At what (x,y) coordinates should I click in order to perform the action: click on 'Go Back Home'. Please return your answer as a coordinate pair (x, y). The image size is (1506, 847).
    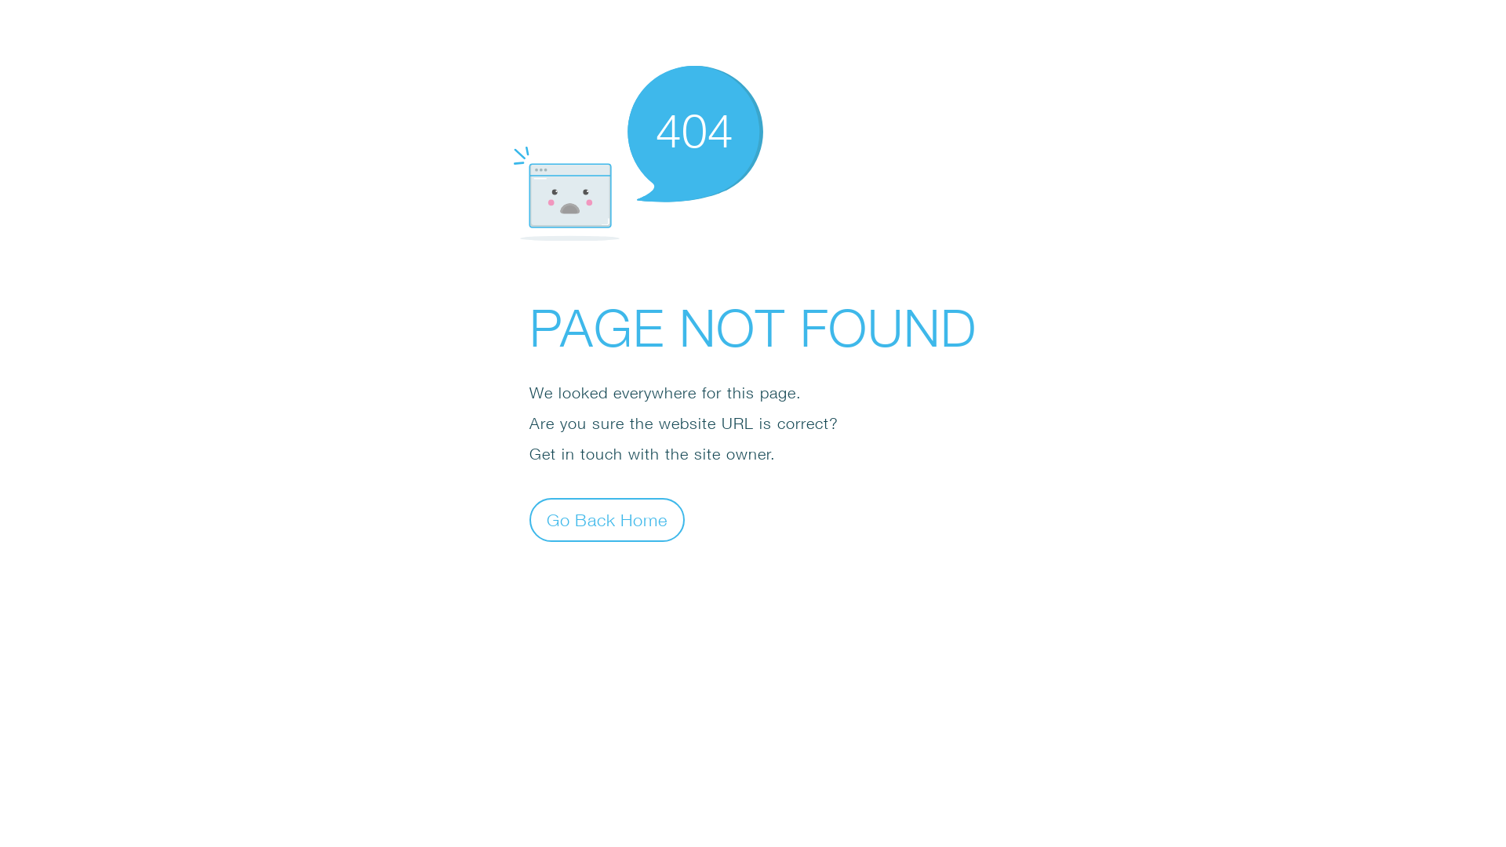
    Looking at the image, I should click on (606, 520).